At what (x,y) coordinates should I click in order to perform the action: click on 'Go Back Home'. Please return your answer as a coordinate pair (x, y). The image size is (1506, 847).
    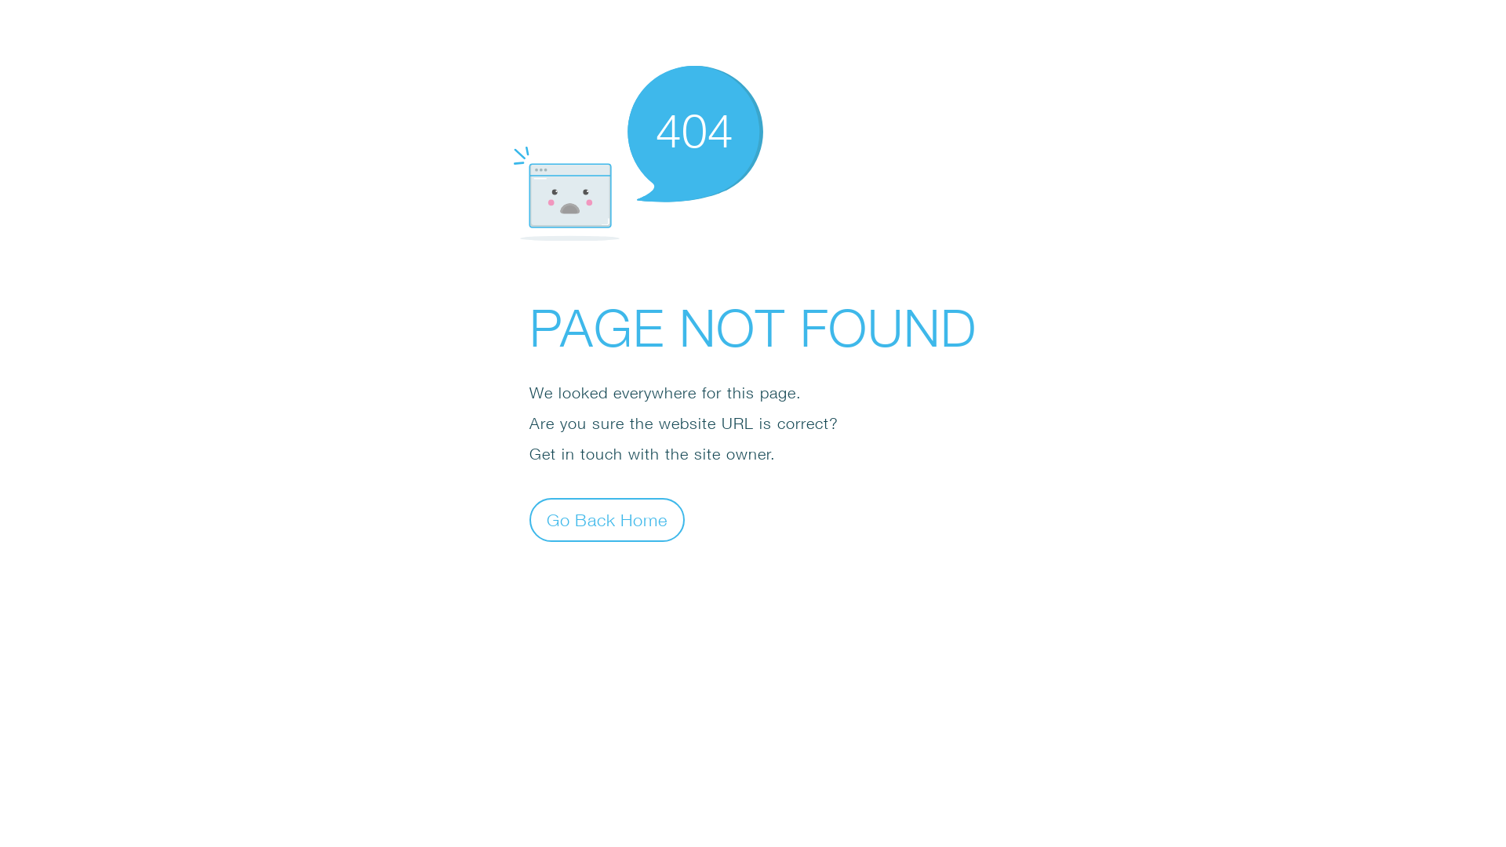
    Looking at the image, I should click on (606, 520).